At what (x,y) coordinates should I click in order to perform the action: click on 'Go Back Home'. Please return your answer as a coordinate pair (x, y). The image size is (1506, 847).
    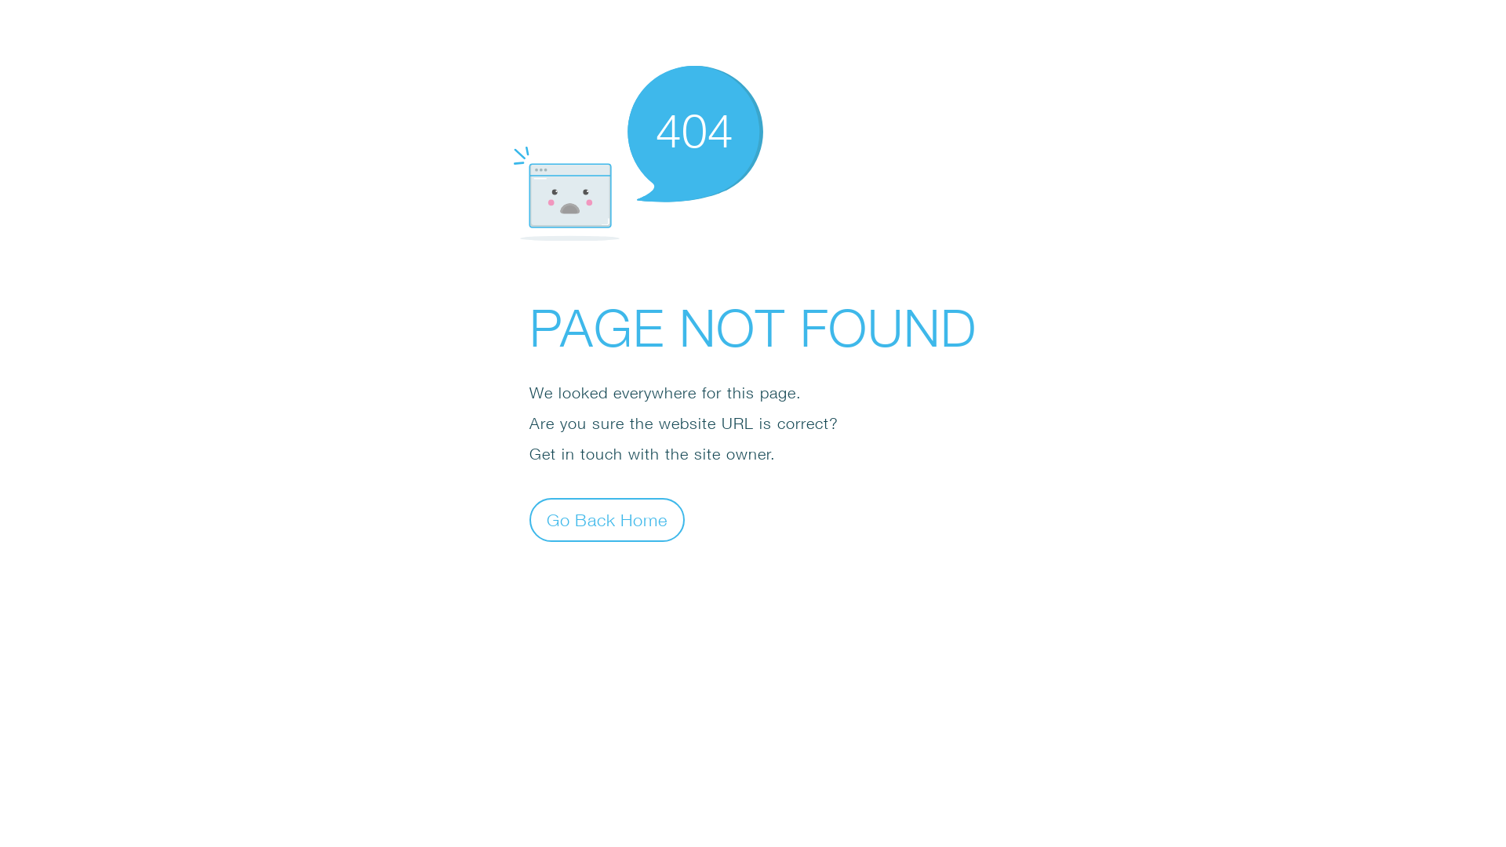
    Looking at the image, I should click on (606, 520).